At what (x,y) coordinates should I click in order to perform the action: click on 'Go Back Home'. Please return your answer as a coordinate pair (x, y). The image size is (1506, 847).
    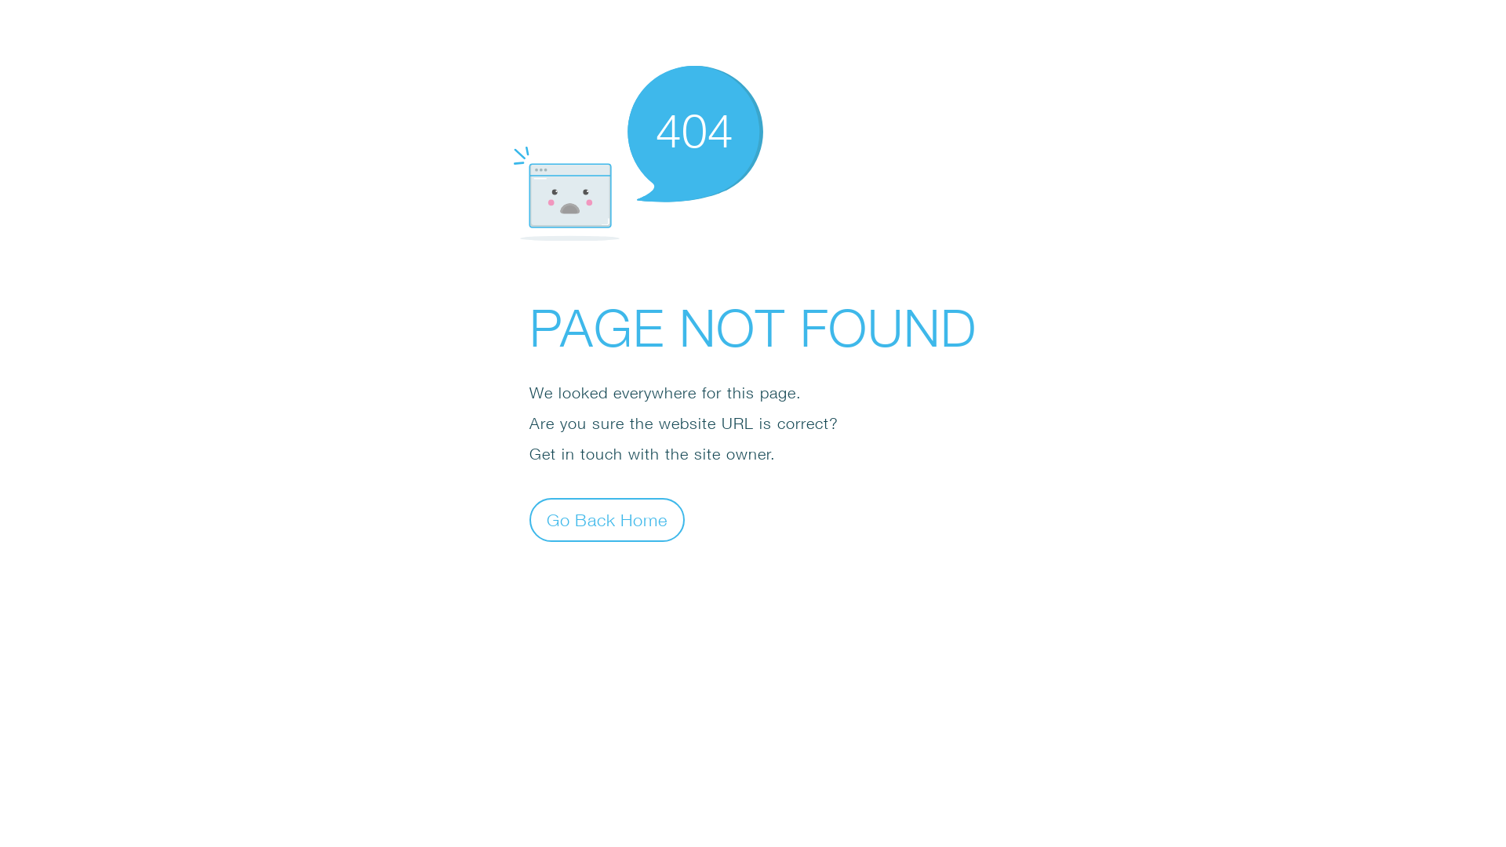
    Looking at the image, I should click on (606, 520).